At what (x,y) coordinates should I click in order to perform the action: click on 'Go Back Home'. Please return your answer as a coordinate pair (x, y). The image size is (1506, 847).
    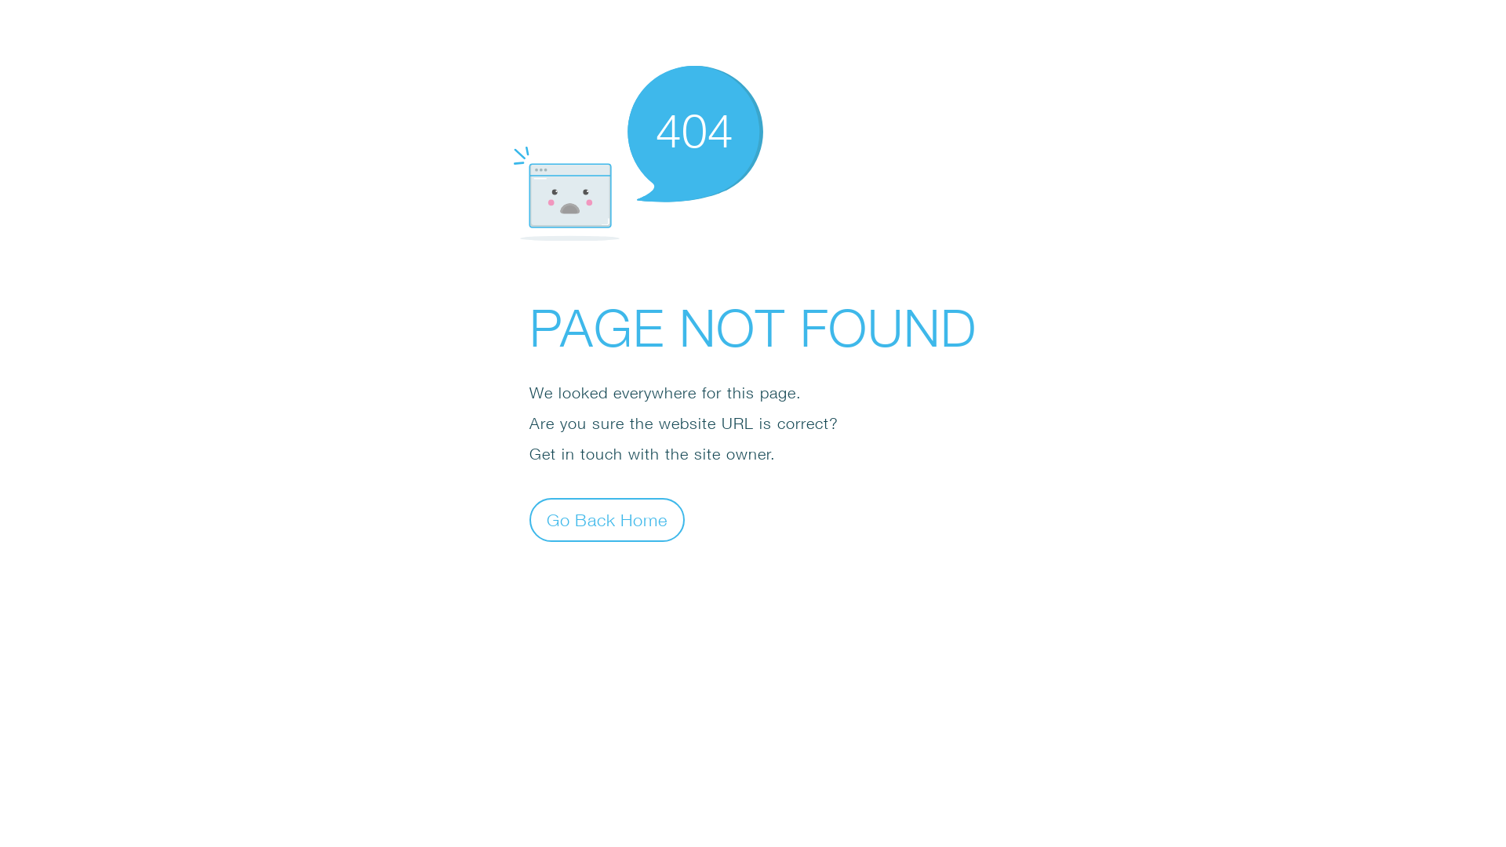
    Looking at the image, I should click on (606, 520).